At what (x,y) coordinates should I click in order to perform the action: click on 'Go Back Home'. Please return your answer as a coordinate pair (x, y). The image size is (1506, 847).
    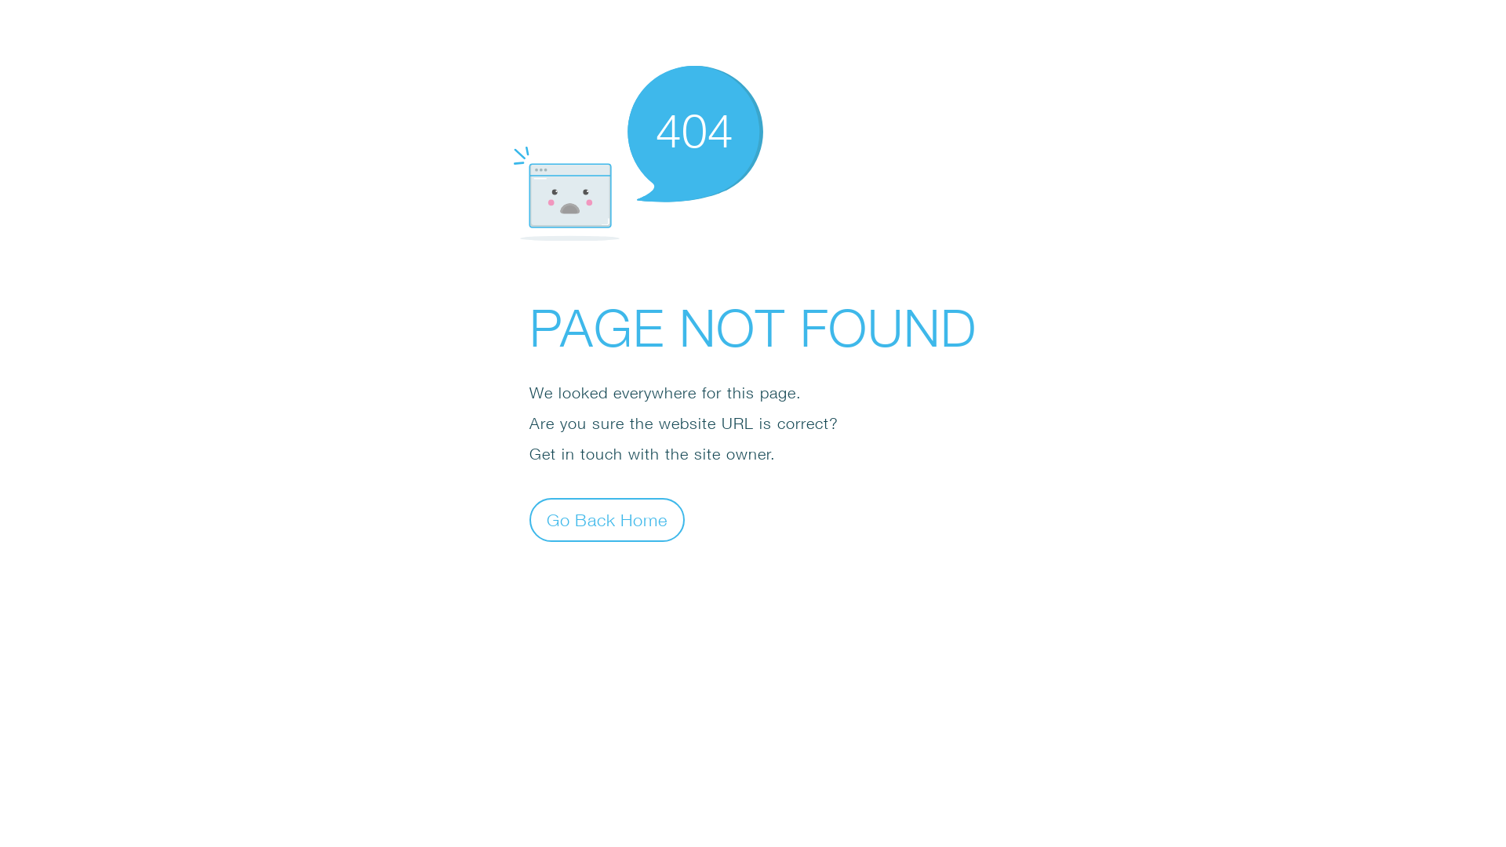
    Looking at the image, I should click on (606, 520).